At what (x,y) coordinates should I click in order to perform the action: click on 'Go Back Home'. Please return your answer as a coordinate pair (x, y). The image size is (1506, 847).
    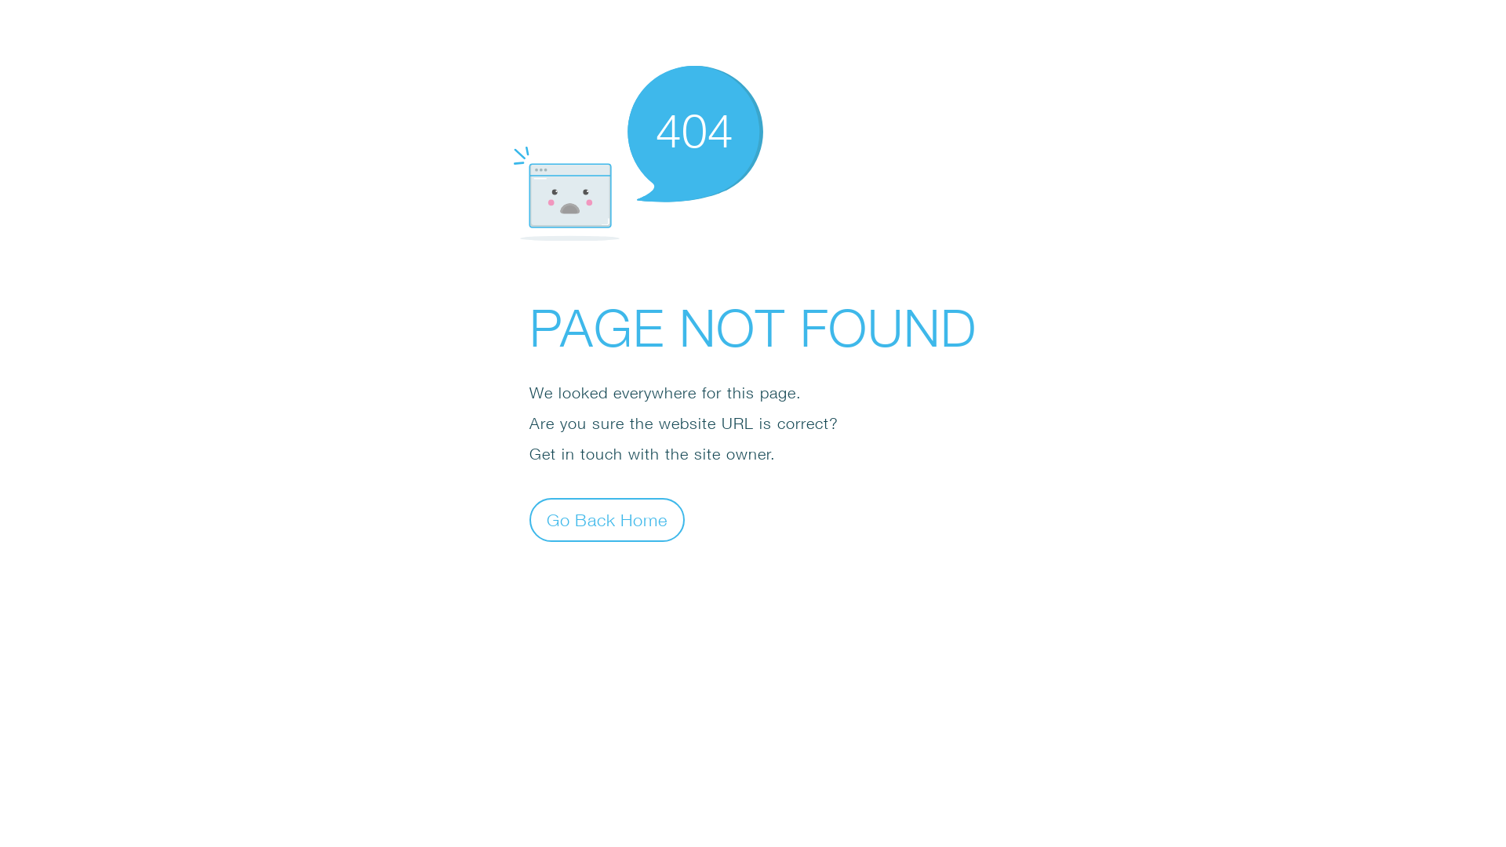
    Looking at the image, I should click on (606, 520).